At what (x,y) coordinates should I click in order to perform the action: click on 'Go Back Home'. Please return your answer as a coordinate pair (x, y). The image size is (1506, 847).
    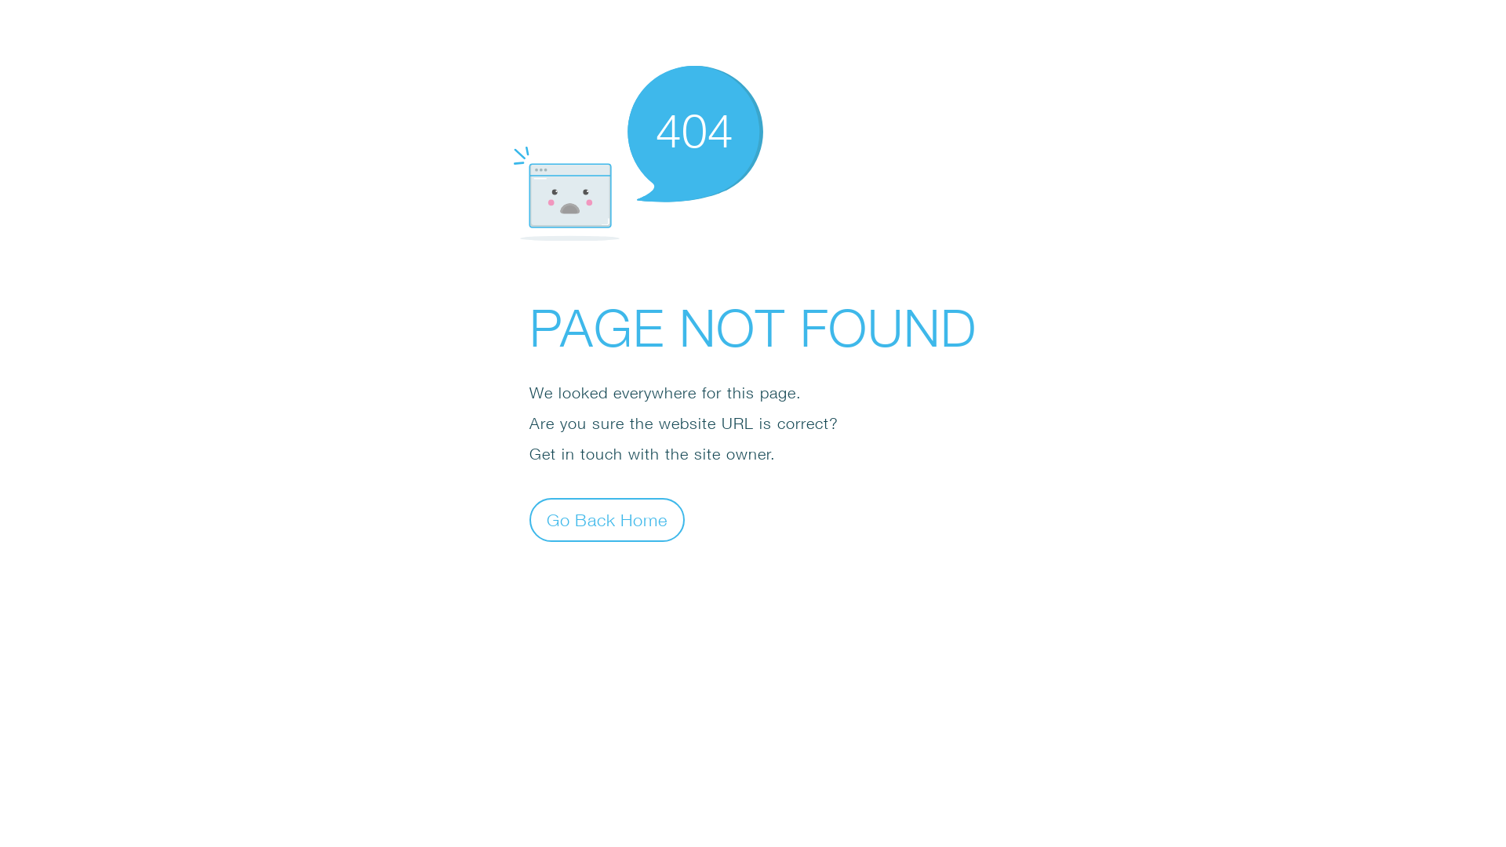
    Looking at the image, I should click on (606, 520).